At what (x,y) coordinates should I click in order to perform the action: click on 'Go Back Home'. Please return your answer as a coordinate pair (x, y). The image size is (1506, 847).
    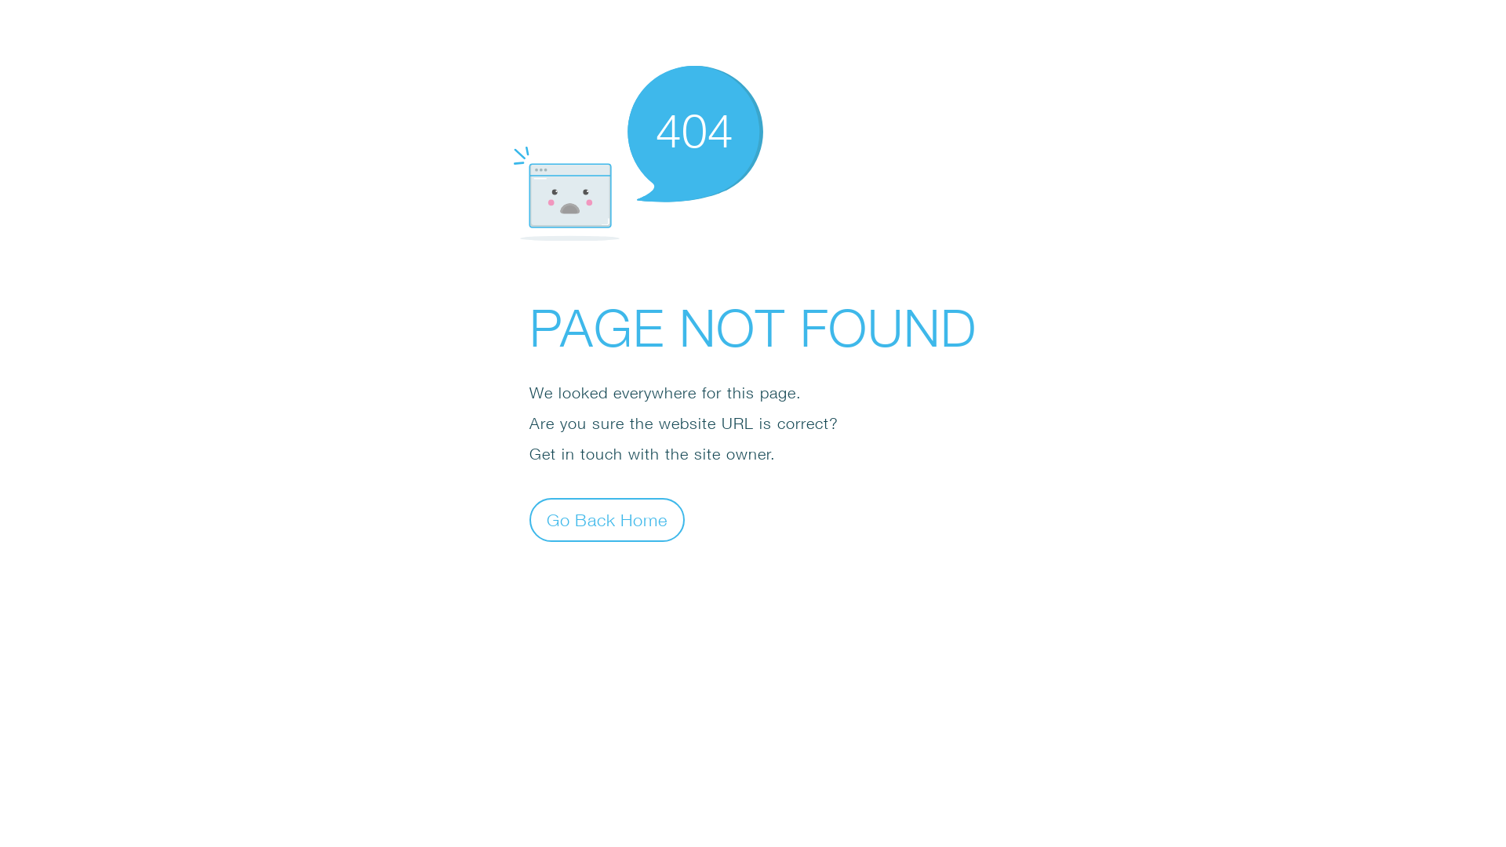
    Looking at the image, I should click on (606, 520).